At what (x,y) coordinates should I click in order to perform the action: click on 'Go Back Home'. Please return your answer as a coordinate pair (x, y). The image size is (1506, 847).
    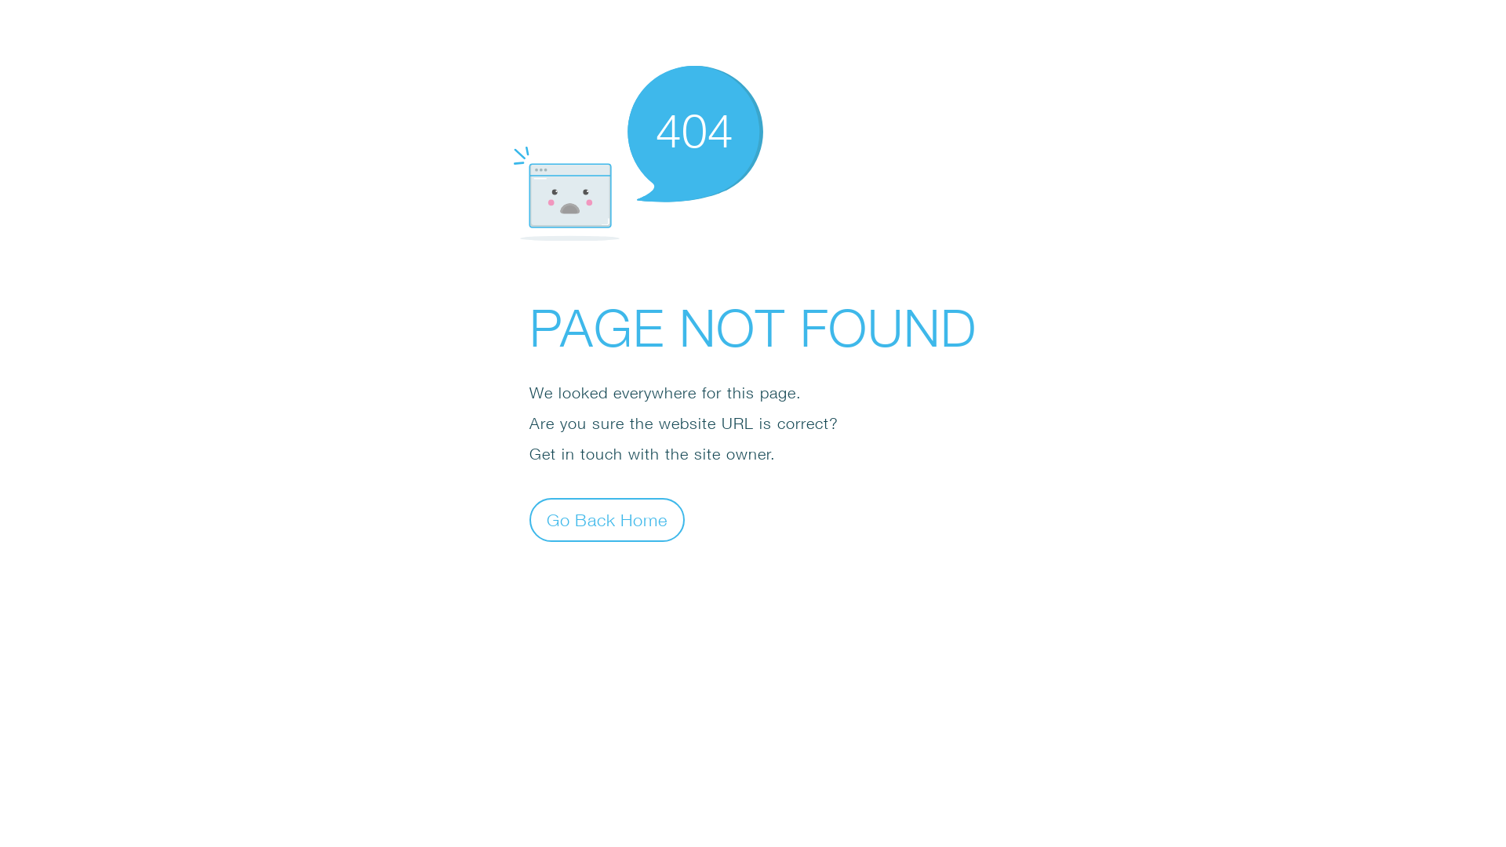
    Looking at the image, I should click on (606, 520).